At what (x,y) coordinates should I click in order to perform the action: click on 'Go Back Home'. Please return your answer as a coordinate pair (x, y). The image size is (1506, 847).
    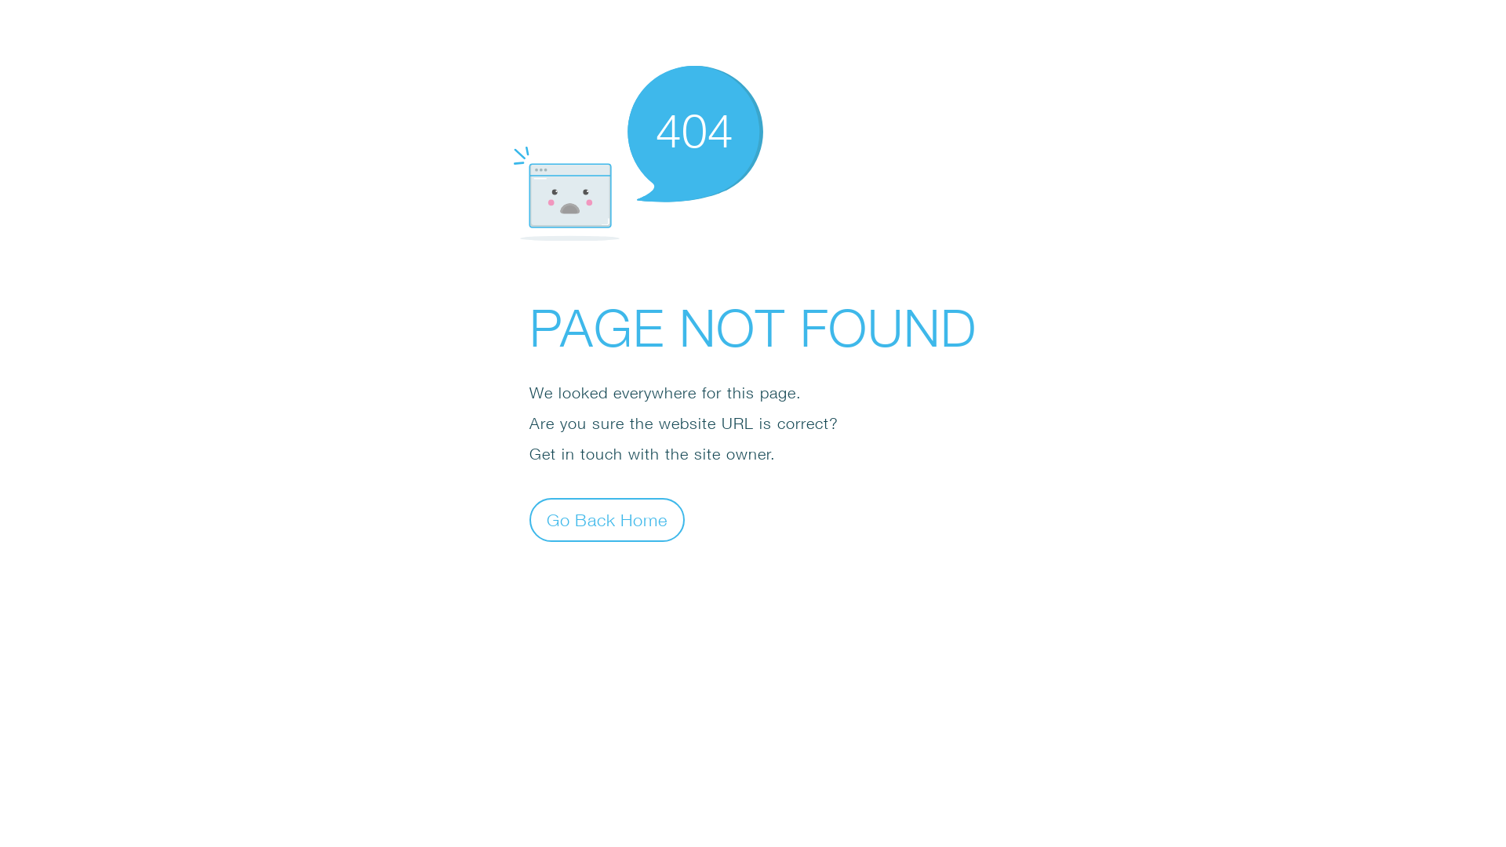
    Looking at the image, I should click on (606, 520).